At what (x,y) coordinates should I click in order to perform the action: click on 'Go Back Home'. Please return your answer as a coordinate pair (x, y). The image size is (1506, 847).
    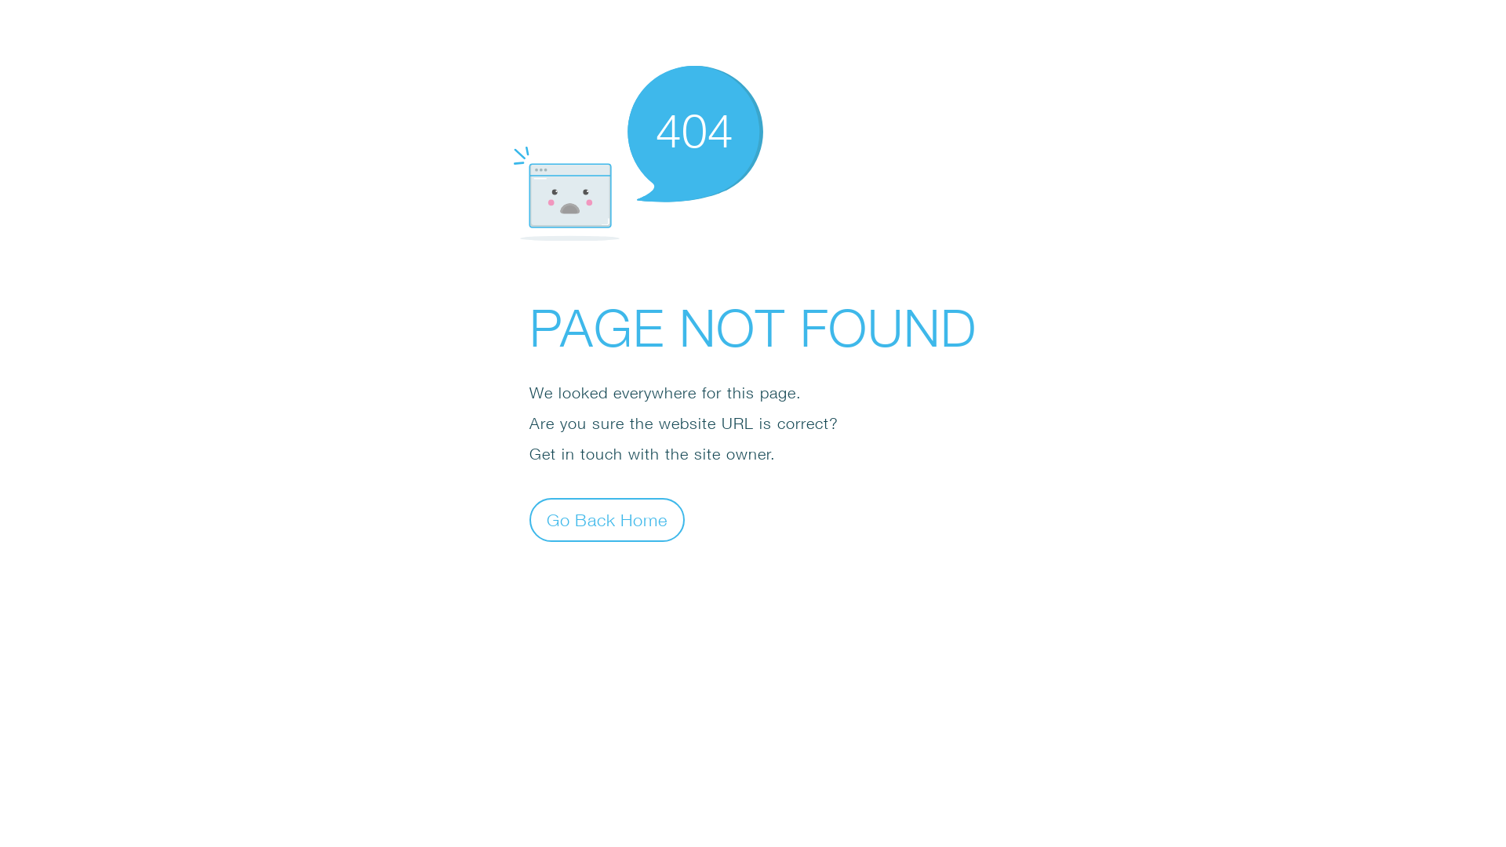
    Looking at the image, I should click on (606, 520).